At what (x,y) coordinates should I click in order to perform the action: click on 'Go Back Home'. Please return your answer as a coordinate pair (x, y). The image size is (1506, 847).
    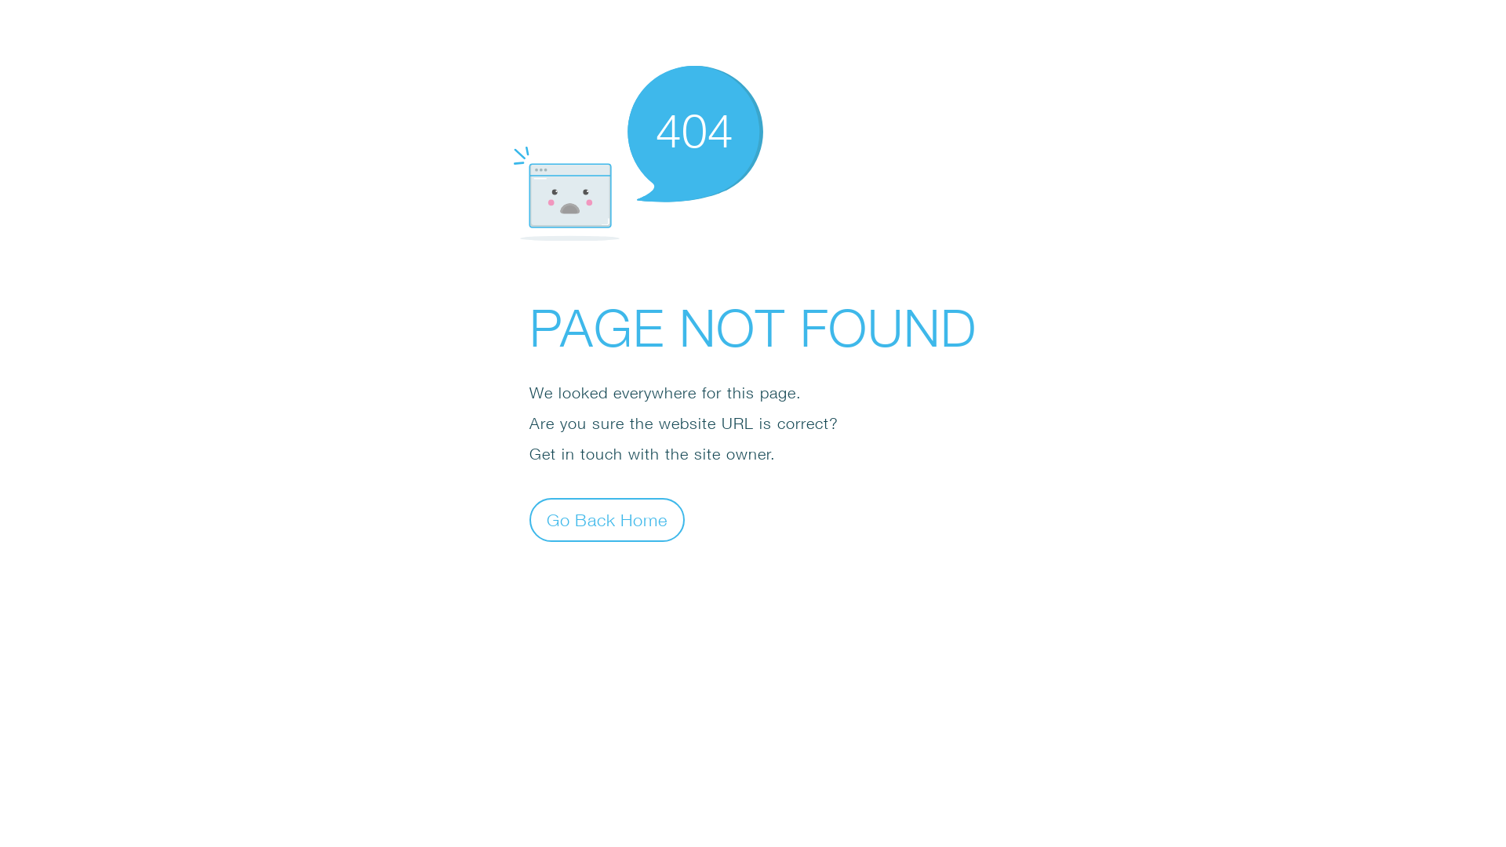
    Looking at the image, I should click on (606, 520).